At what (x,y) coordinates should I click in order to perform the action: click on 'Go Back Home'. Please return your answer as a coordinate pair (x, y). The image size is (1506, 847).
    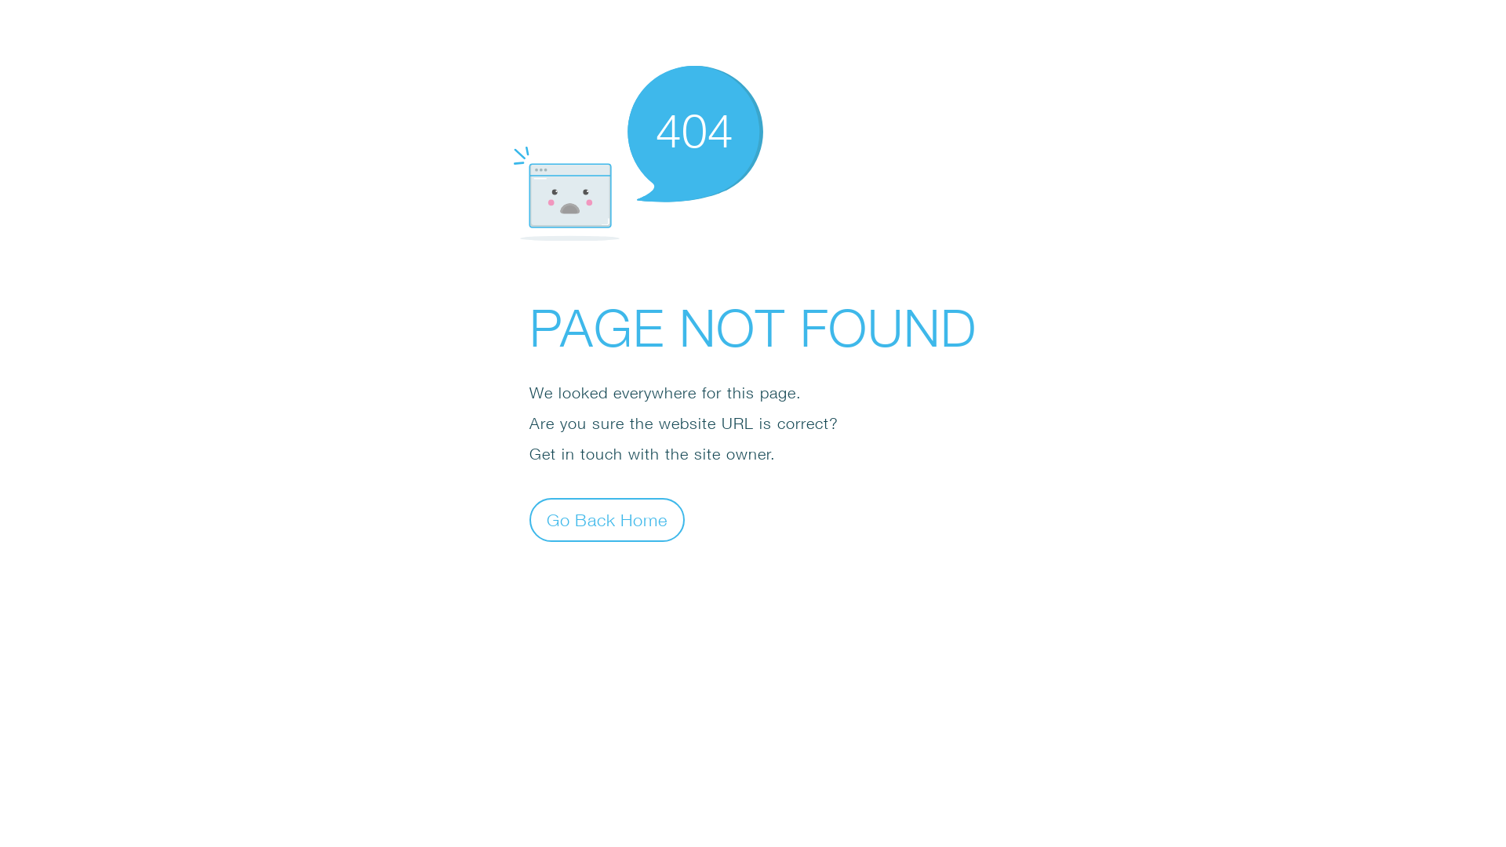
    Looking at the image, I should click on (606, 520).